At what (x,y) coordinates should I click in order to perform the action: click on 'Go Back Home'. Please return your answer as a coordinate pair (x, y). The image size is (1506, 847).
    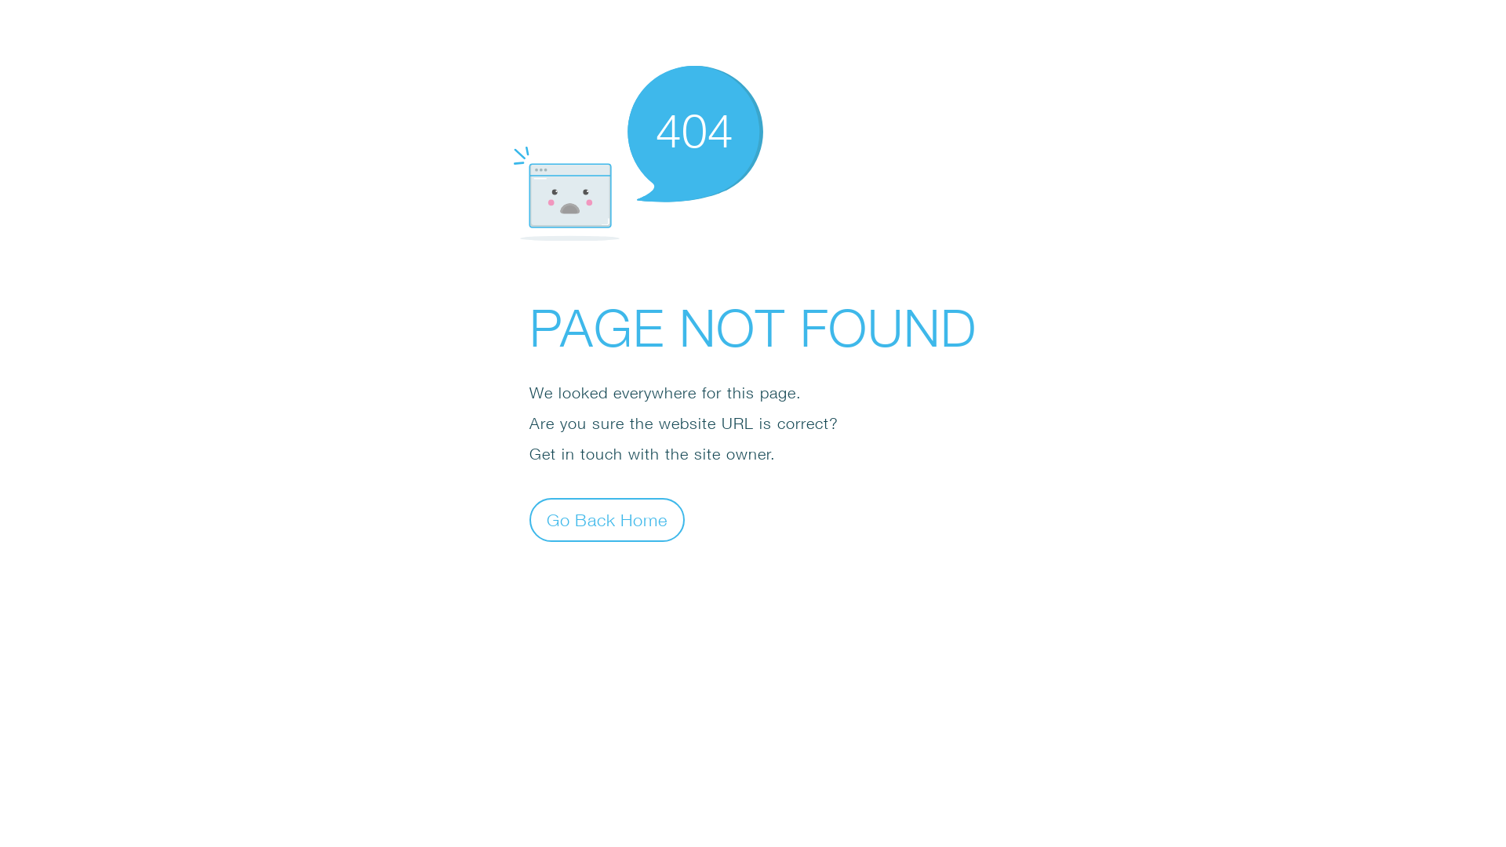
    Looking at the image, I should click on (606, 520).